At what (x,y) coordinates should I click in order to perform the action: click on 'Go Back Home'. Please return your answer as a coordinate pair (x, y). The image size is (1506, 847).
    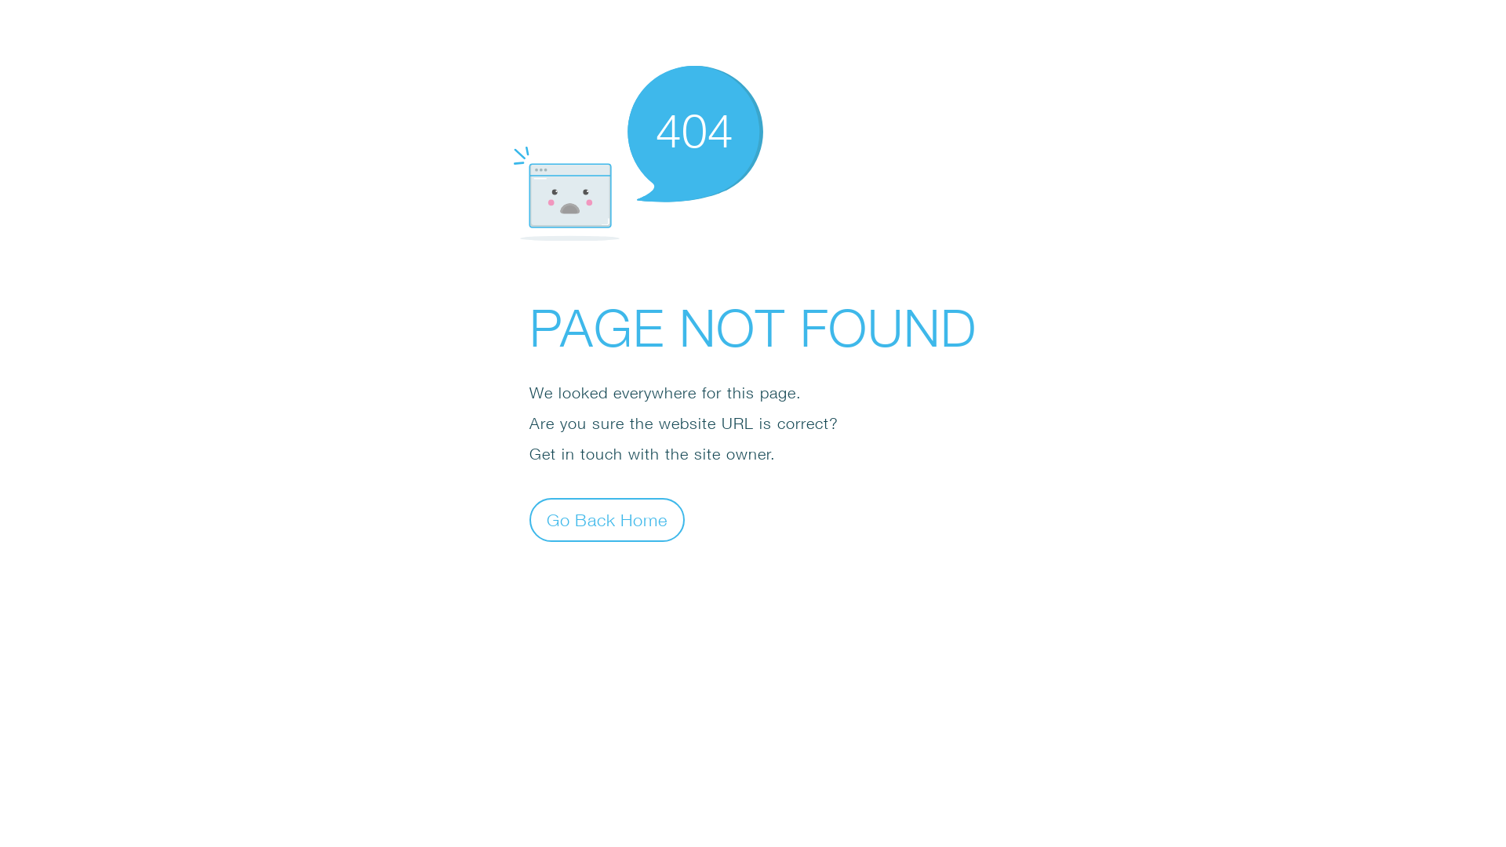
    Looking at the image, I should click on (606, 520).